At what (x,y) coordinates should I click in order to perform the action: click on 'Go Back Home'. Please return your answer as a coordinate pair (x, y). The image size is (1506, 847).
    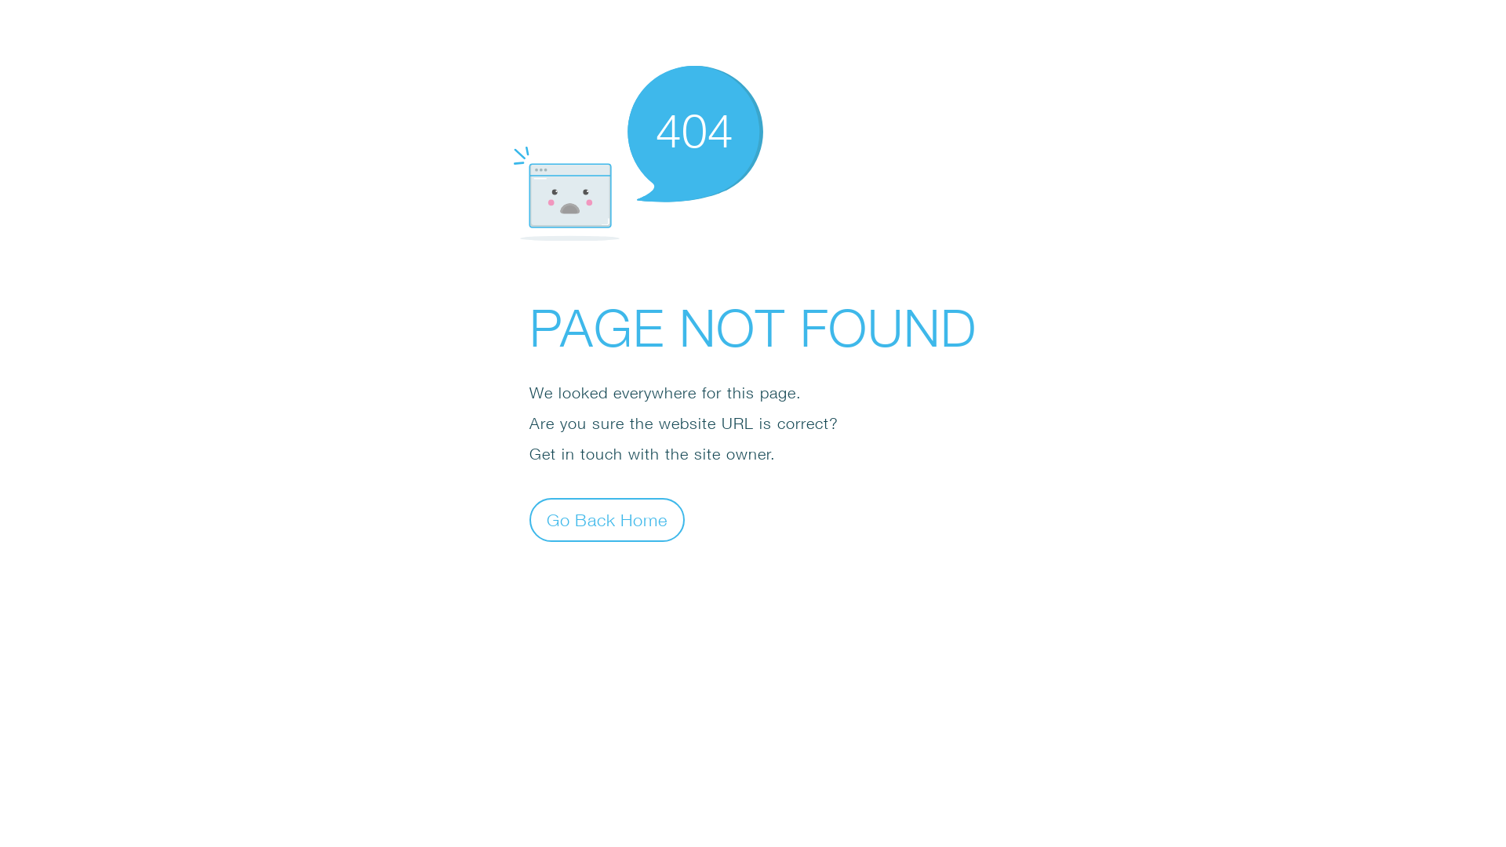
    Looking at the image, I should click on (606, 520).